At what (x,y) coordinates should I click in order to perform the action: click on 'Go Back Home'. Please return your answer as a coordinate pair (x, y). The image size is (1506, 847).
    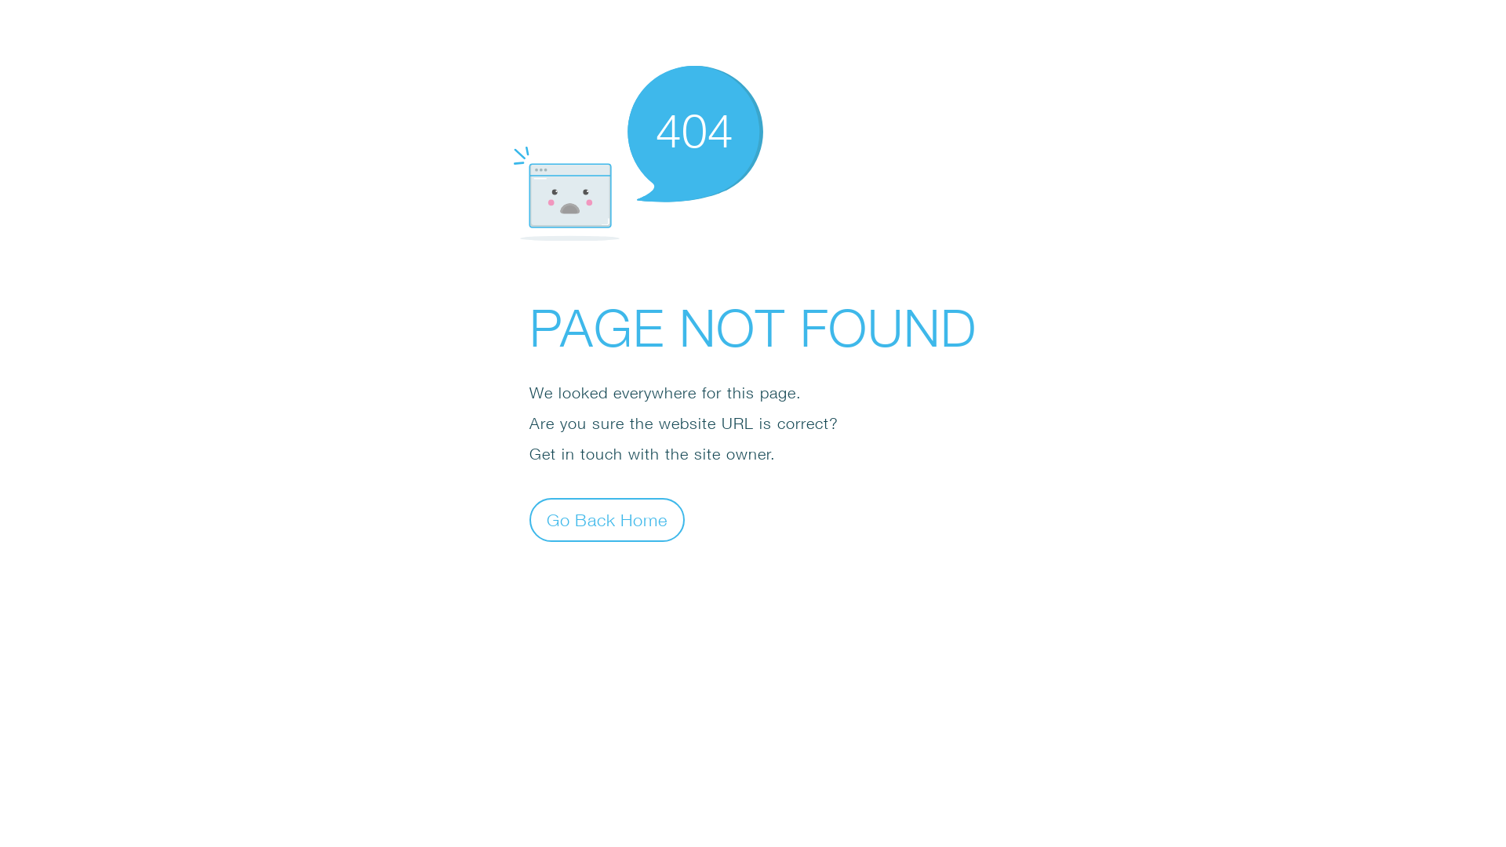
    Looking at the image, I should click on (606, 520).